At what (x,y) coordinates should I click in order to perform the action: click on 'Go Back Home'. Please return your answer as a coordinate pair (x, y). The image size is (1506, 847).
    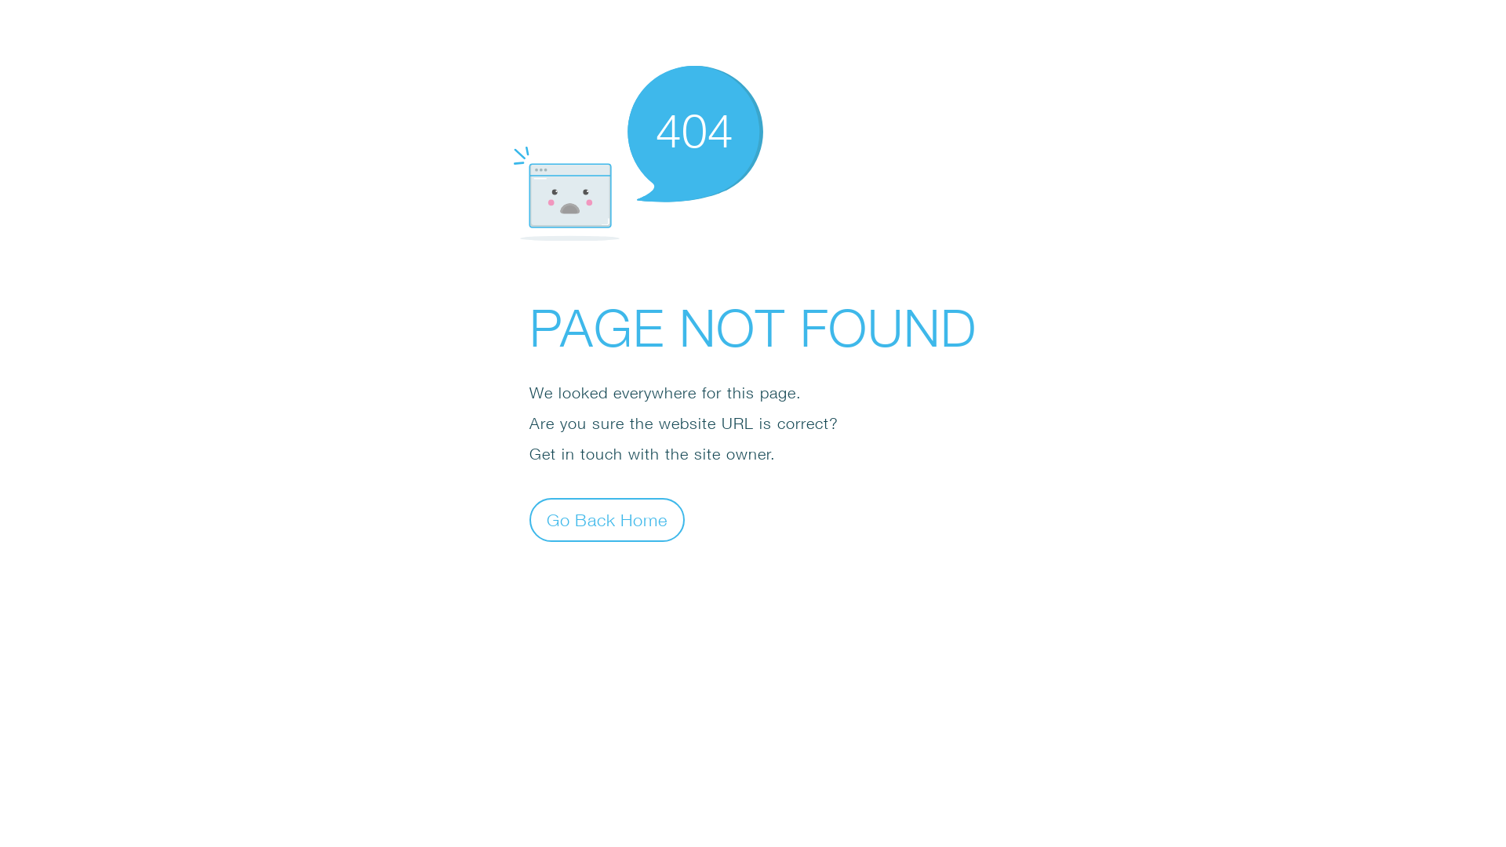
    Looking at the image, I should click on (606, 520).